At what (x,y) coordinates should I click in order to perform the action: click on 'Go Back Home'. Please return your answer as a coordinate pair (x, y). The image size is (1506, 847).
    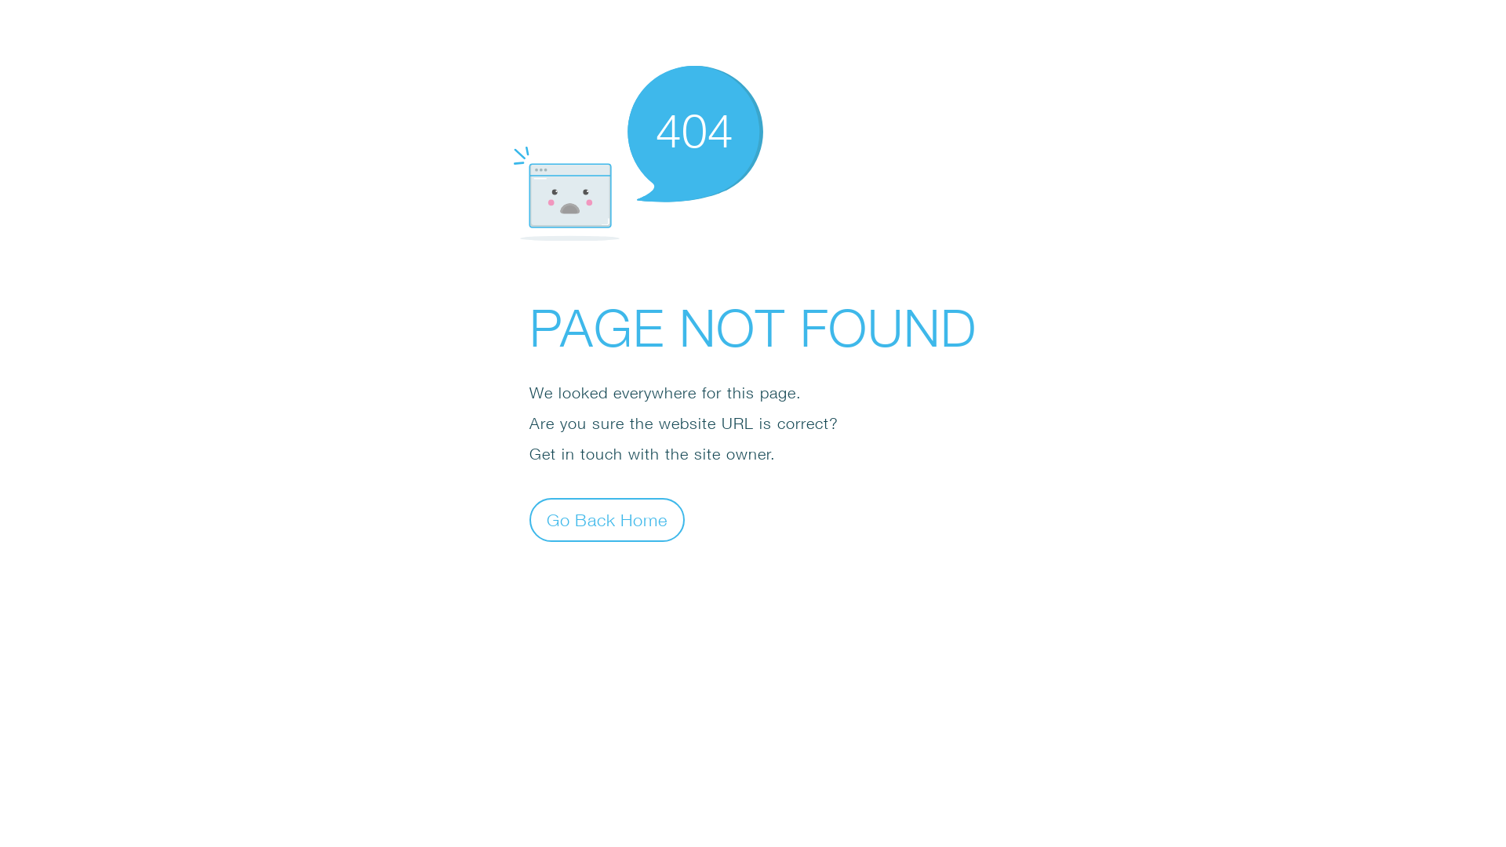
    Looking at the image, I should click on (606, 520).